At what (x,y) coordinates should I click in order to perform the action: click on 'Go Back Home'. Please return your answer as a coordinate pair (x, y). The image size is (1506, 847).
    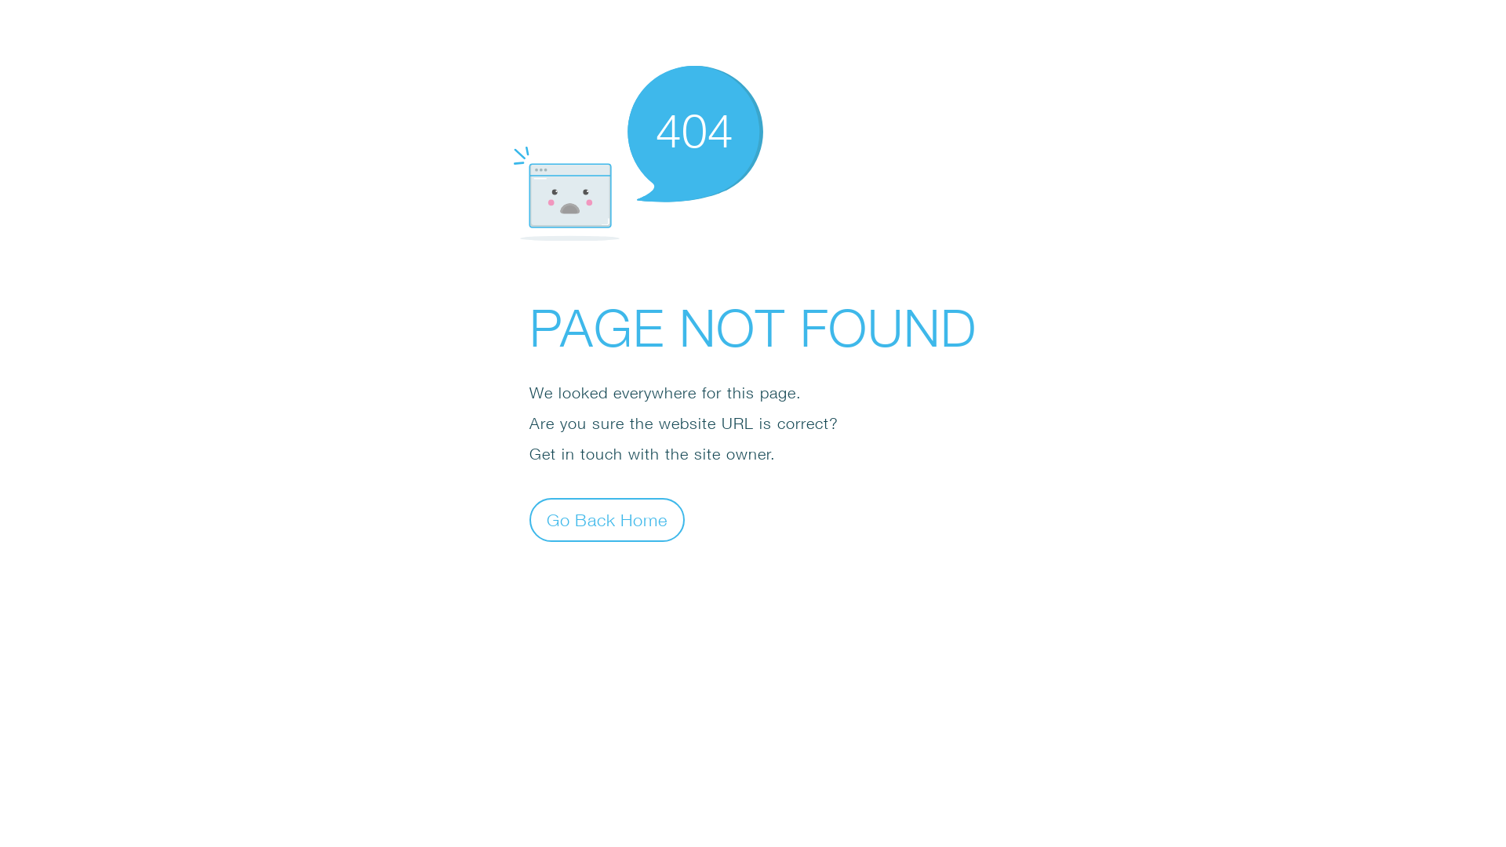
    Looking at the image, I should click on (606, 520).